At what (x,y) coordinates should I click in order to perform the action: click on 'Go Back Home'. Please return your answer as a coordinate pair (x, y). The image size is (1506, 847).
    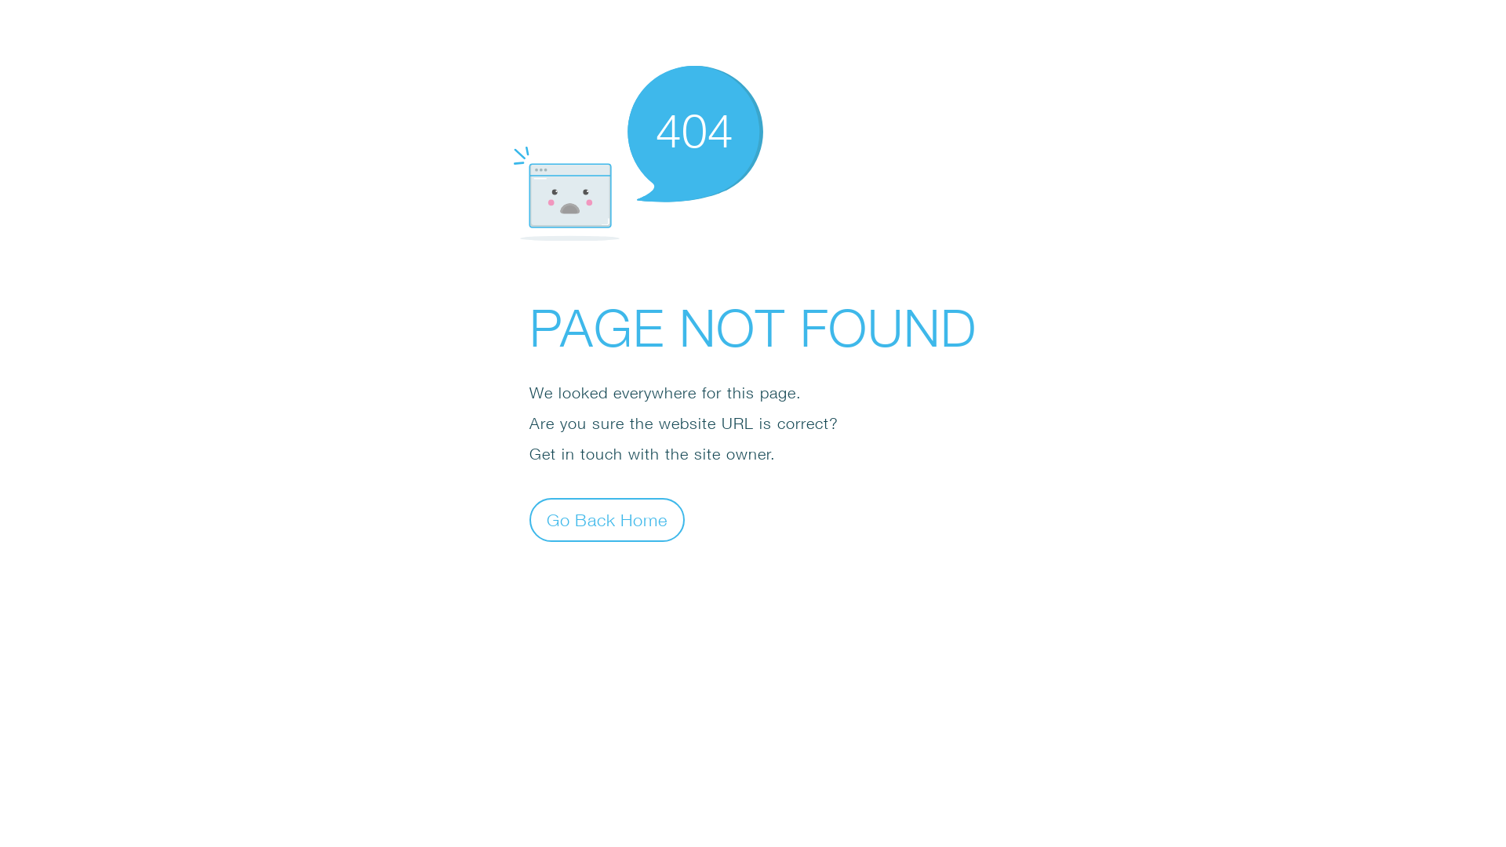
    Looking at the image, I should click on (606, 520).